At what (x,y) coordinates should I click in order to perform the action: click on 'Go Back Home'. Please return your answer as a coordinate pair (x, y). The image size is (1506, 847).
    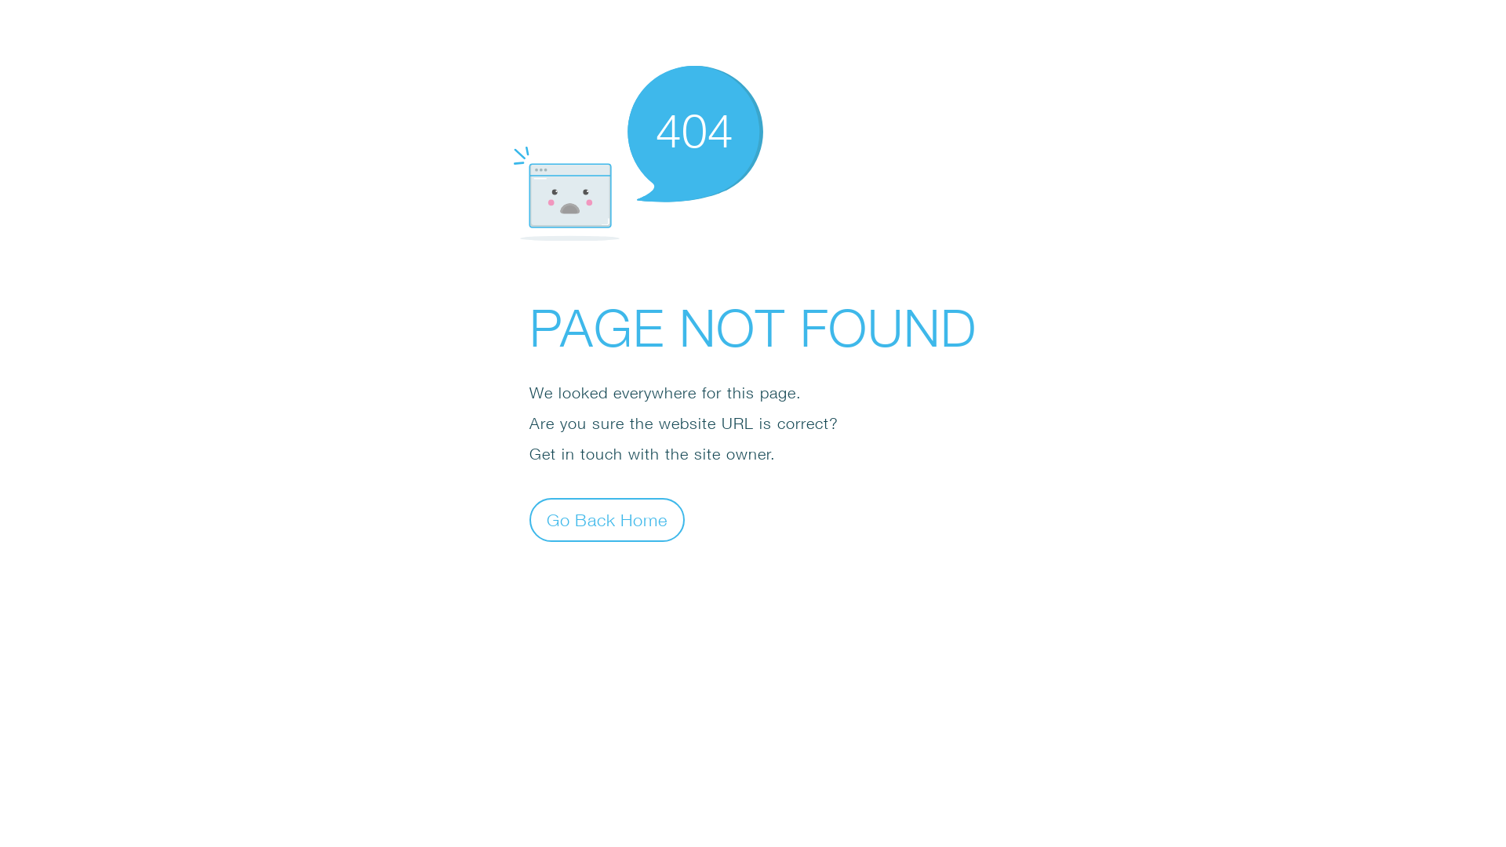
    Looking at the image, I should click on (606, 520).